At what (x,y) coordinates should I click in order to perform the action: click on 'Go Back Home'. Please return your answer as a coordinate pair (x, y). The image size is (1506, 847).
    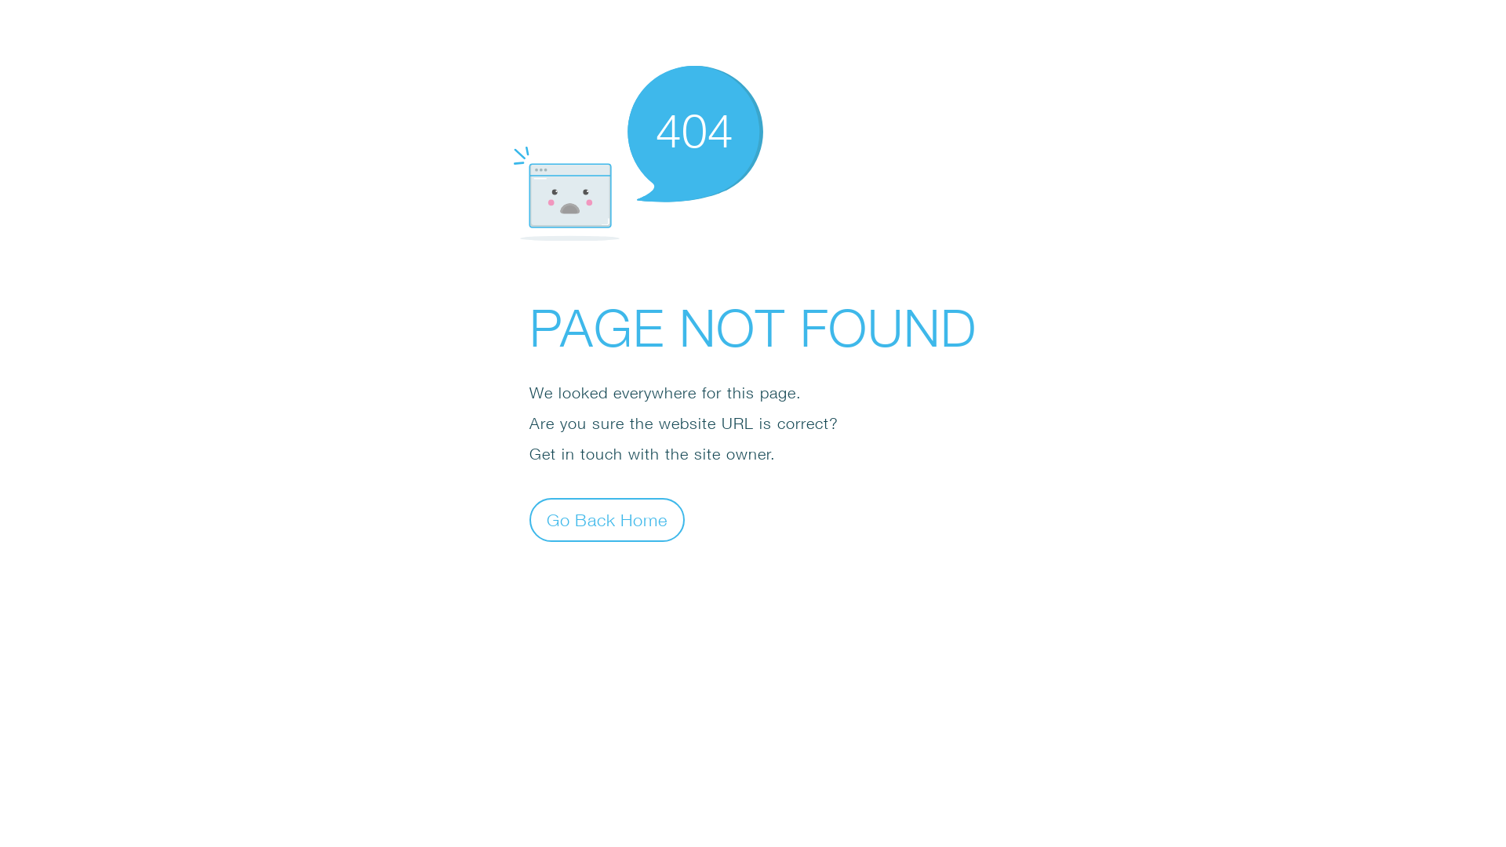
    Looking at the image, I should click on (606, 520).